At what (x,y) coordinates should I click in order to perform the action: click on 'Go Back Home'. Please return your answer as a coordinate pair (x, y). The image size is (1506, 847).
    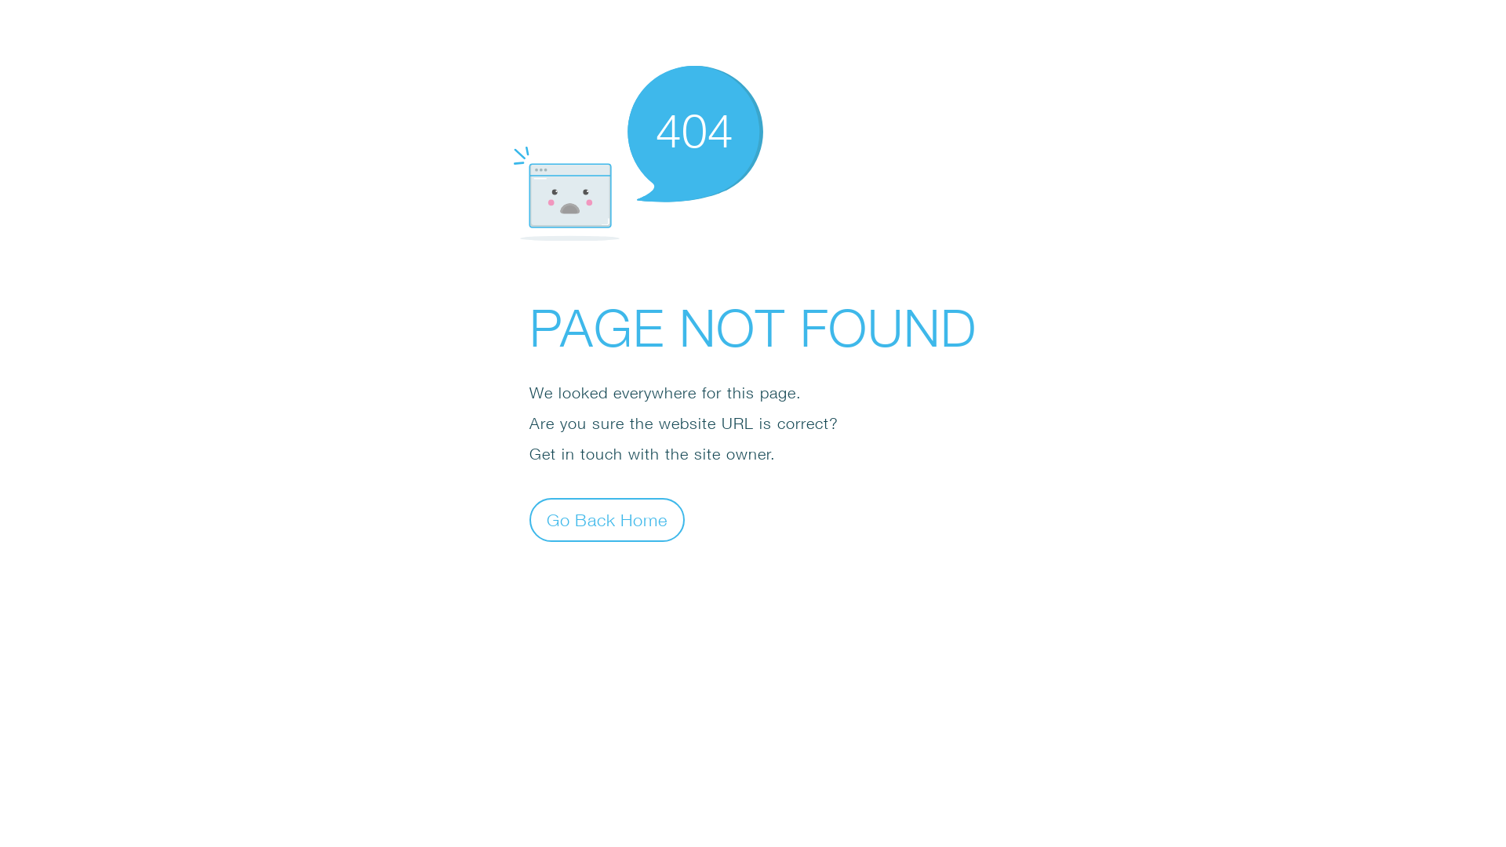
    Looking at the image, I should click on (606, 520).